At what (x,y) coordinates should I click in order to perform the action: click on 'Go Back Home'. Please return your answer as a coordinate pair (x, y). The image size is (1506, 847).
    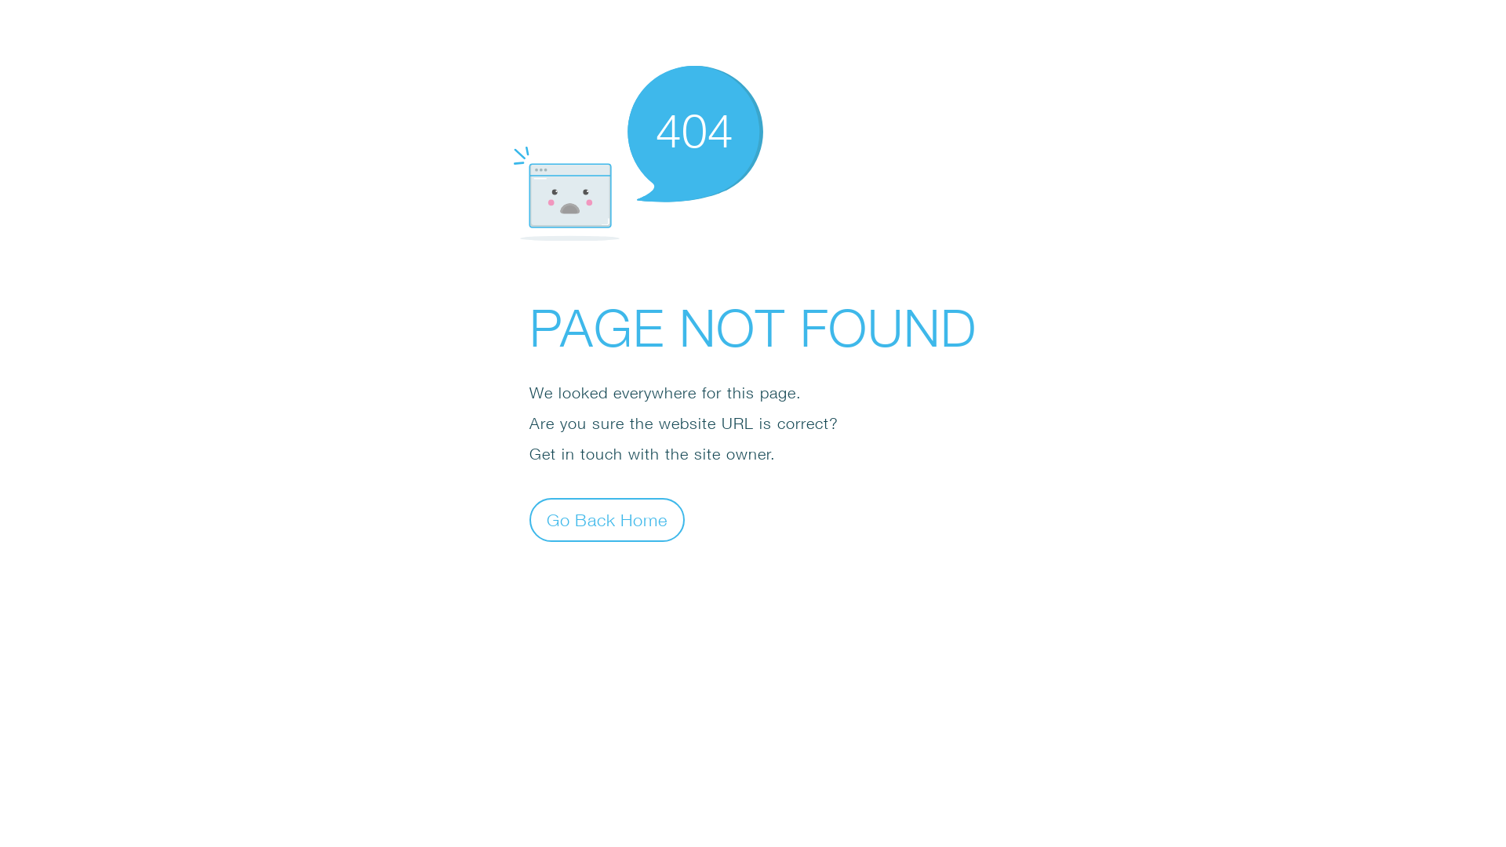
    Looking at the image, I should click on (606, 520).